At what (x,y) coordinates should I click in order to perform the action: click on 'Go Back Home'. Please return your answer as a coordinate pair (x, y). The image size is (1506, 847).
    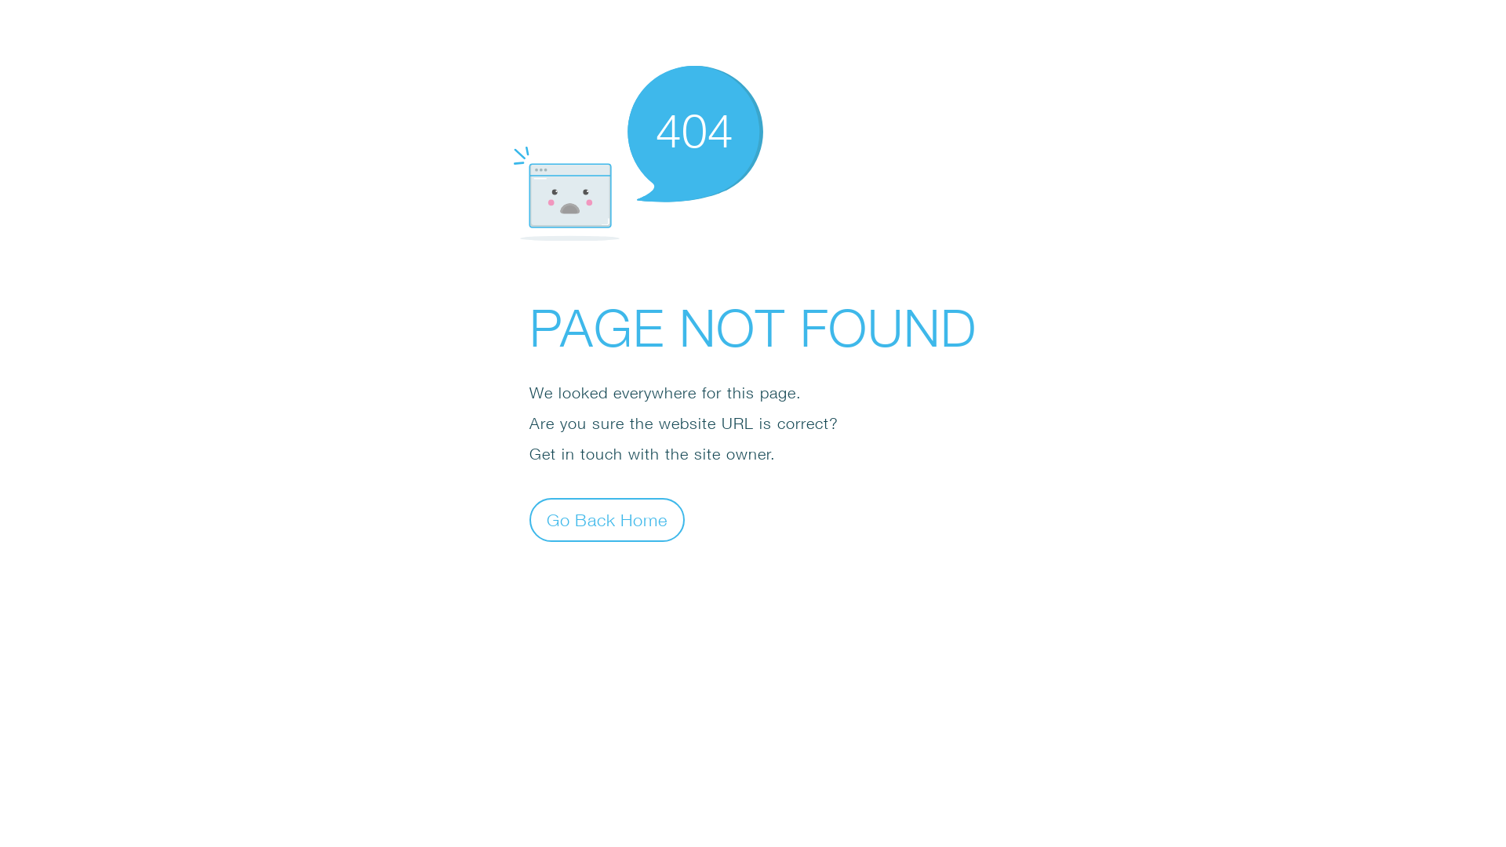
    Looking at the image, I should click on (606, 520).